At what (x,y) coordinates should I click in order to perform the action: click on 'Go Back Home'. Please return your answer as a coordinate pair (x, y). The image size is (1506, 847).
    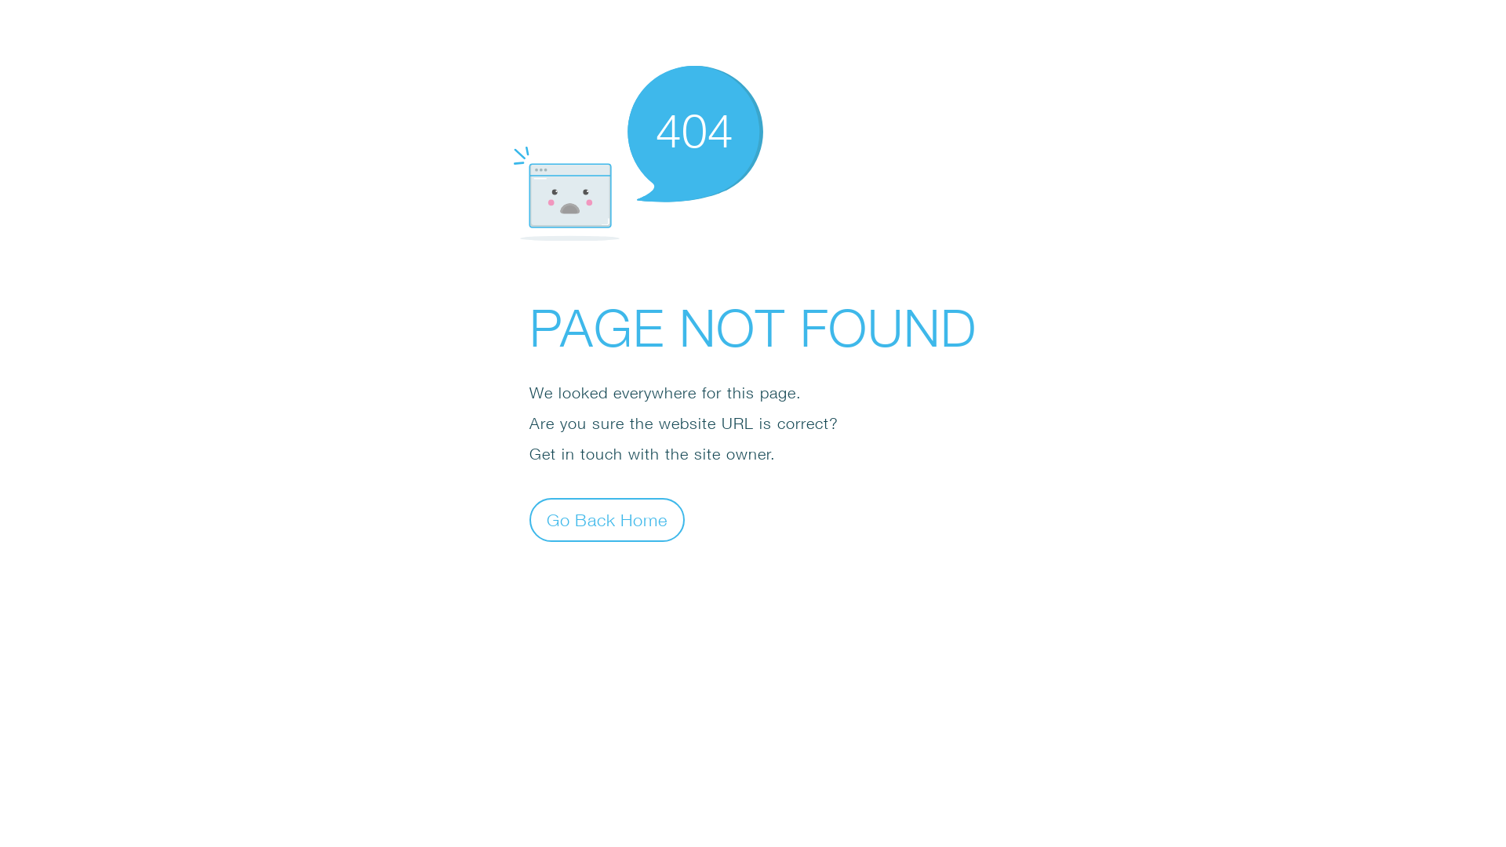
    Looking at the image, I should click on (606, 520).